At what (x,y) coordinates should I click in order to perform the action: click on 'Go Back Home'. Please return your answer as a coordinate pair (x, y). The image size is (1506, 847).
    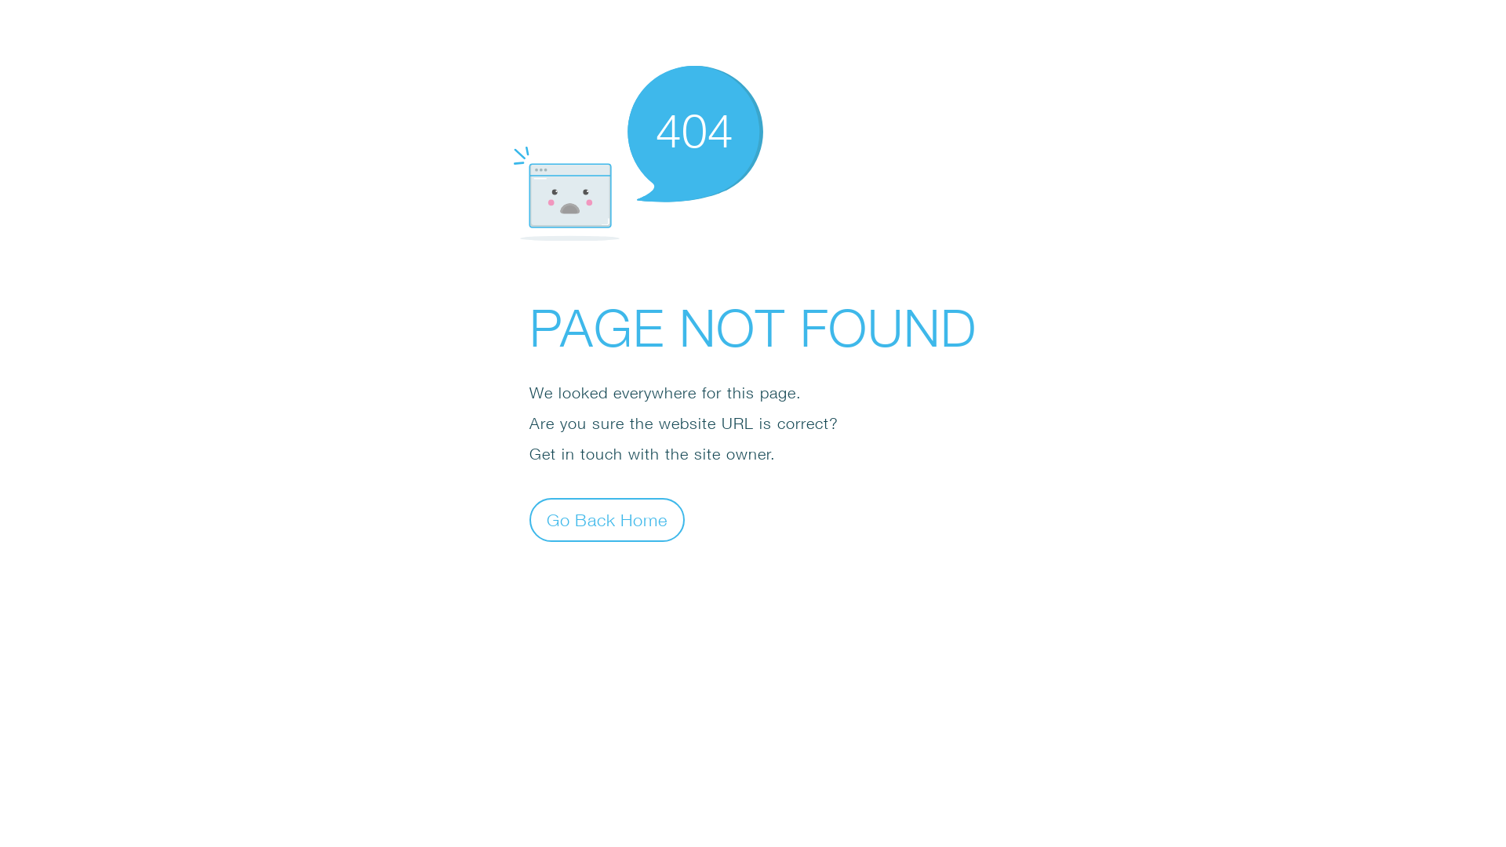
    Looking at the image, I should click on (606, 520).